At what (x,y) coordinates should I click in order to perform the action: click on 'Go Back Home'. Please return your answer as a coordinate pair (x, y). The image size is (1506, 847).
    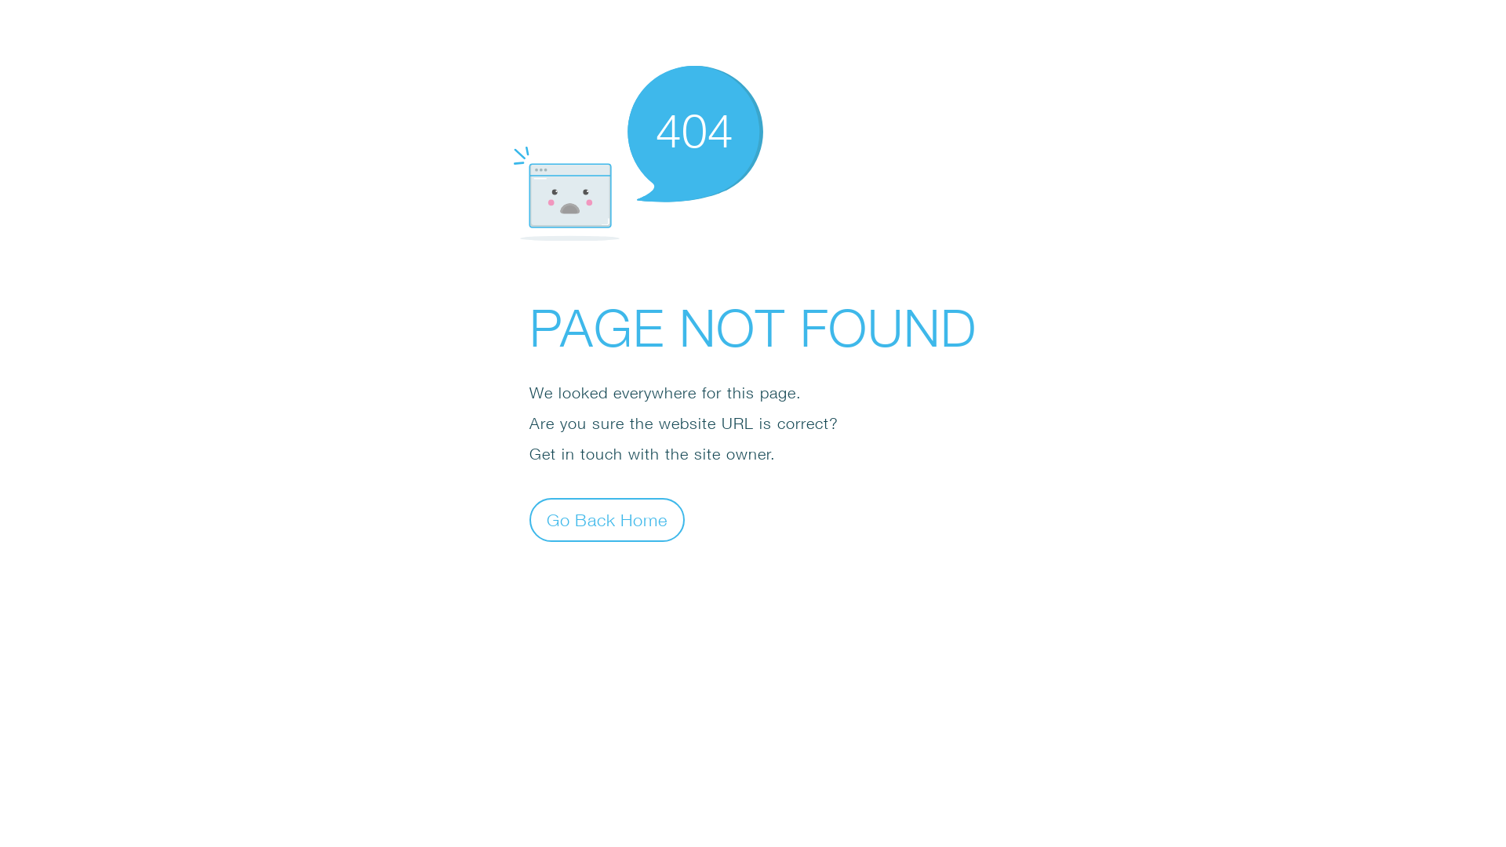
    Looking at the image, I should click on (606, 520).